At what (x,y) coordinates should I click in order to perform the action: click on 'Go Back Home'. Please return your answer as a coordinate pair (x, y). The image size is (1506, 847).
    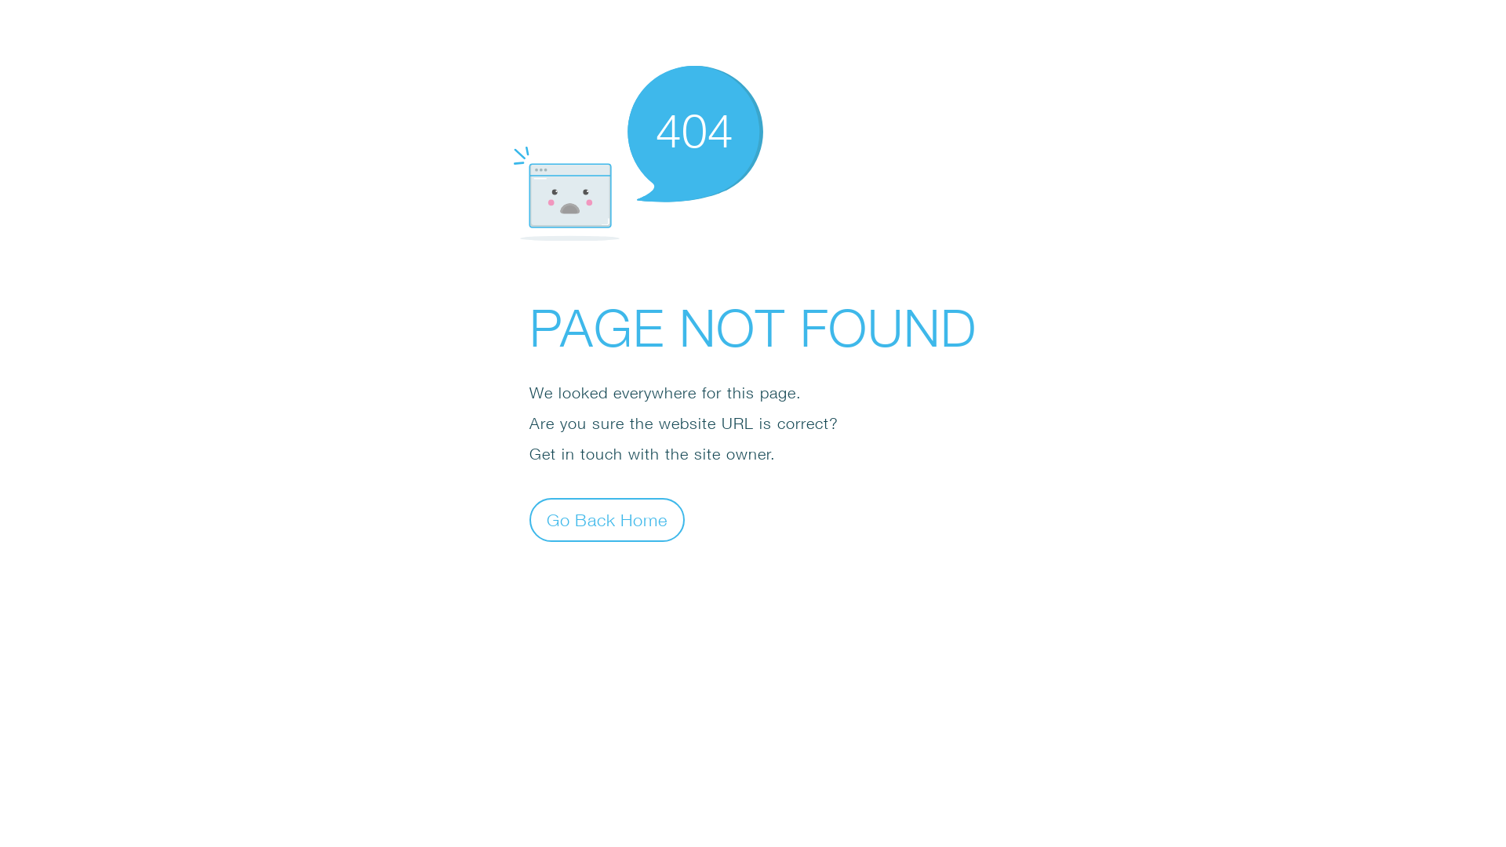
    Looking at the image, I should click on (606, 520).